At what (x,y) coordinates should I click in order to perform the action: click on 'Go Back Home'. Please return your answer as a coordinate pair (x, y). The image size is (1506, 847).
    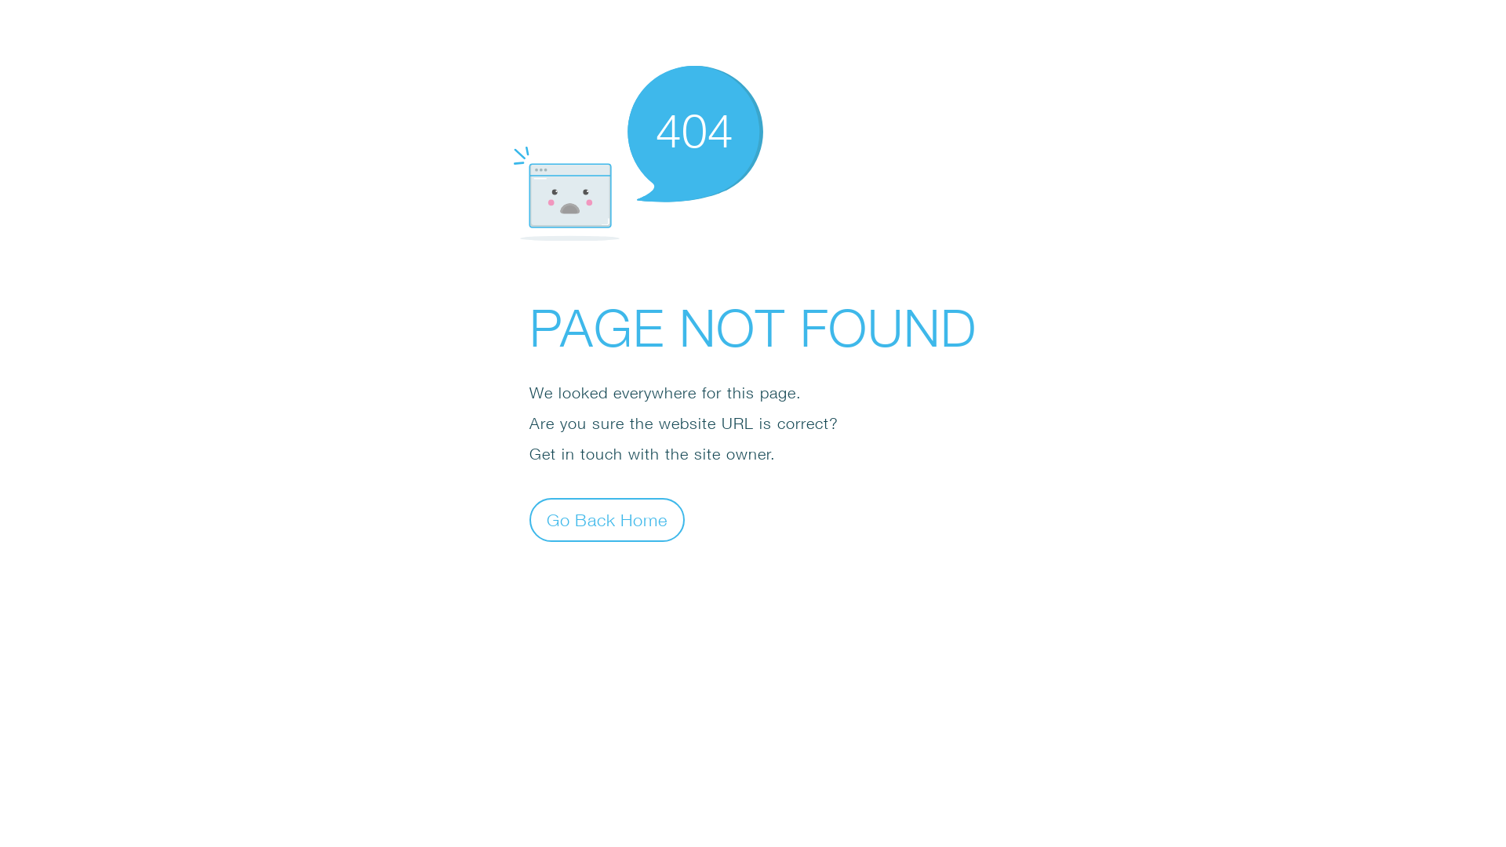
    Looking at the image, I should click on (606, 520).